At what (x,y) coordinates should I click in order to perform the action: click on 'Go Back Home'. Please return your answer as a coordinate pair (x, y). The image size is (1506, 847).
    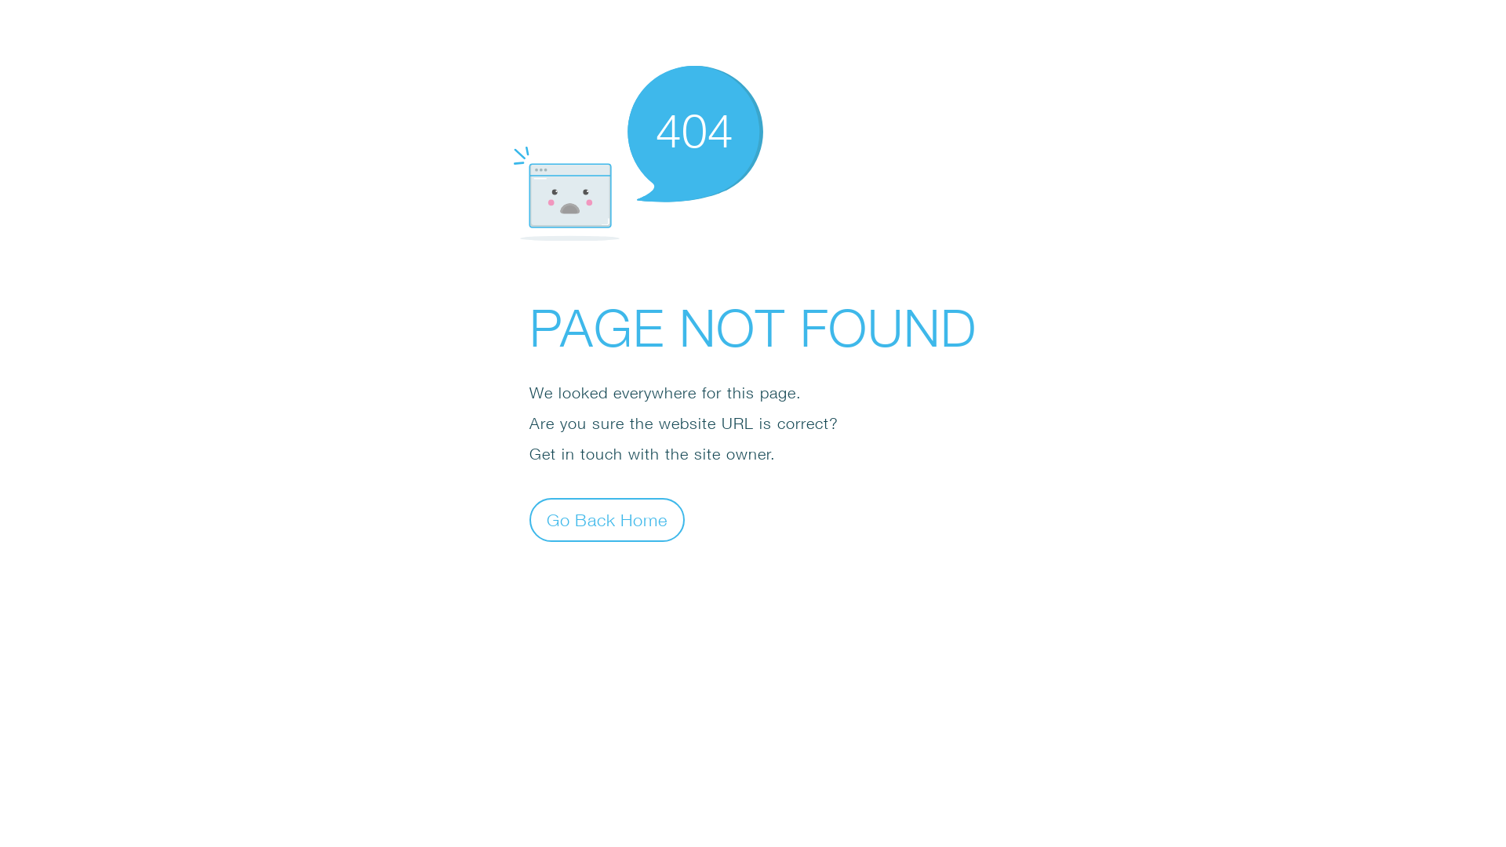
    Looking at the image, I should click on (606, 520).